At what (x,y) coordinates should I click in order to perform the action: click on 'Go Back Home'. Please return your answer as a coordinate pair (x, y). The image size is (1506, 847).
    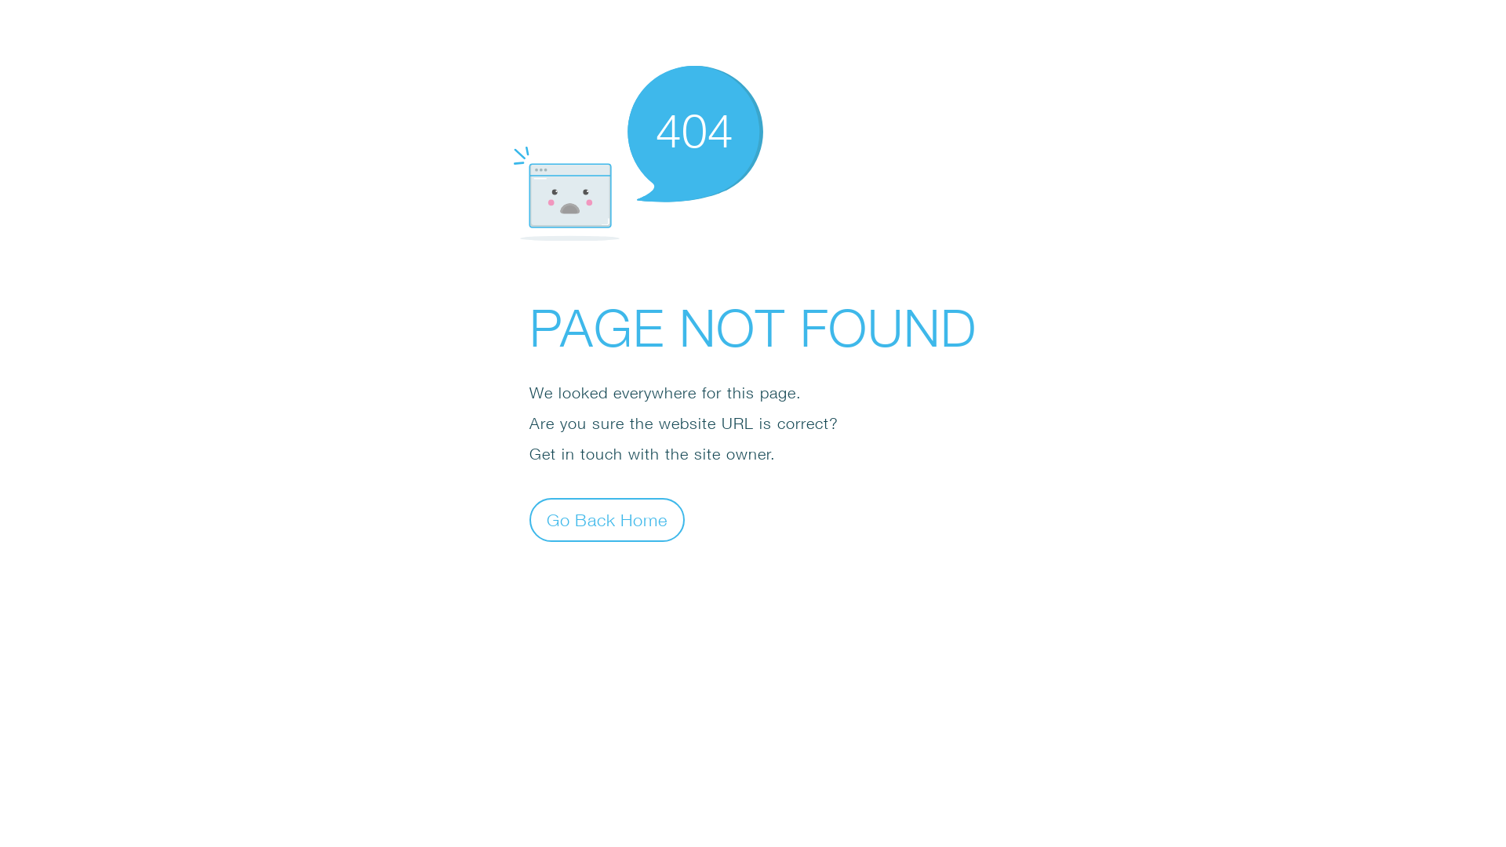
    Looking at the image, I should click on (606, 520).